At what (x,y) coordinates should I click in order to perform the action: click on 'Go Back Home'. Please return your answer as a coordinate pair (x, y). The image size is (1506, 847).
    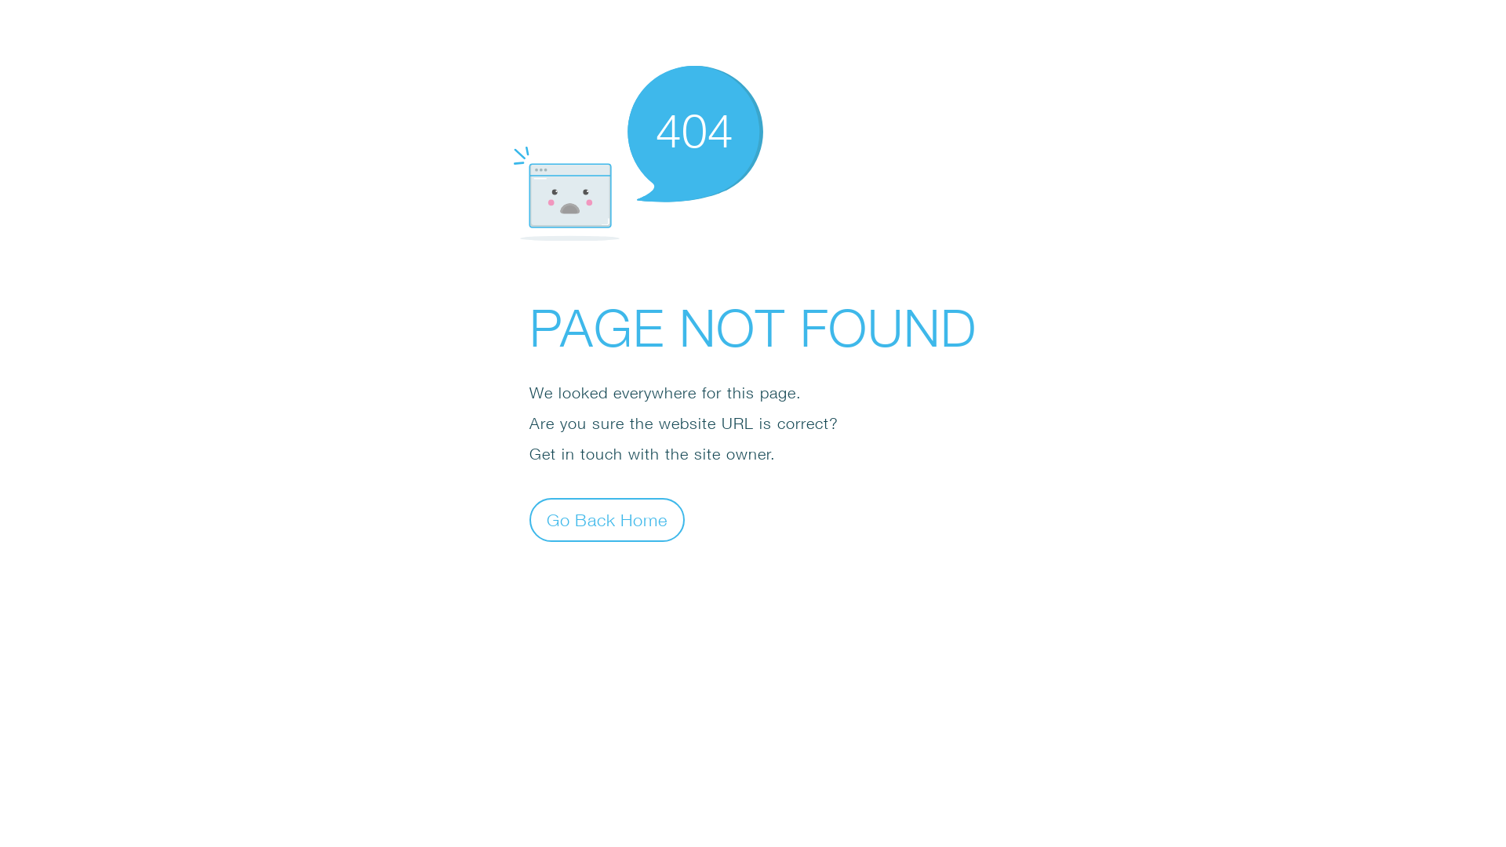
    Looking at the image, I should click on (606, 520).